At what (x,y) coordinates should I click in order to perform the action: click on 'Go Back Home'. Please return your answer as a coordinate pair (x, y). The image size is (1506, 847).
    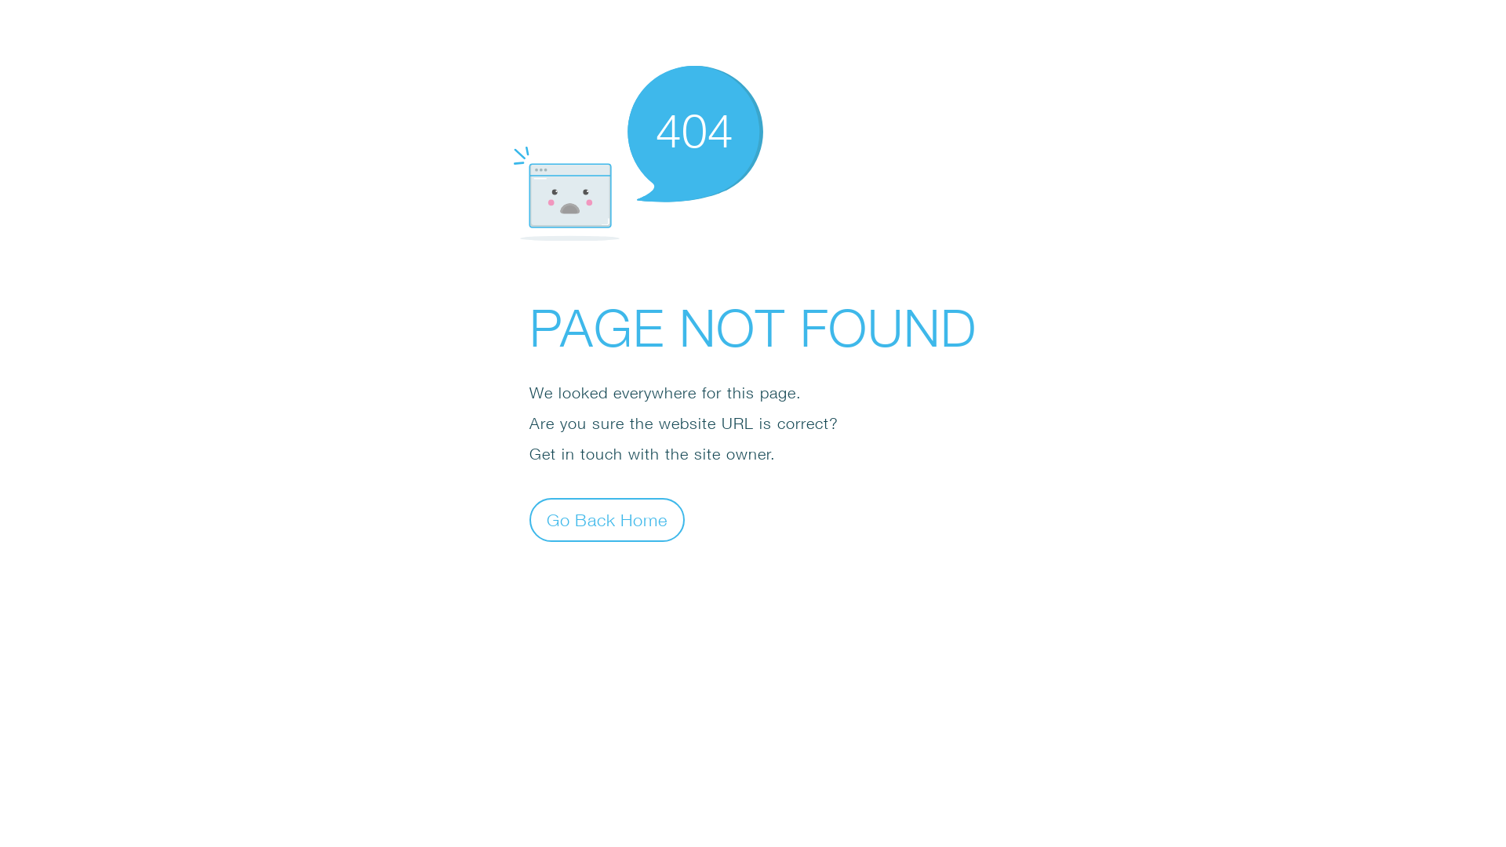
    Looking at the image, I should click on (606, 520).